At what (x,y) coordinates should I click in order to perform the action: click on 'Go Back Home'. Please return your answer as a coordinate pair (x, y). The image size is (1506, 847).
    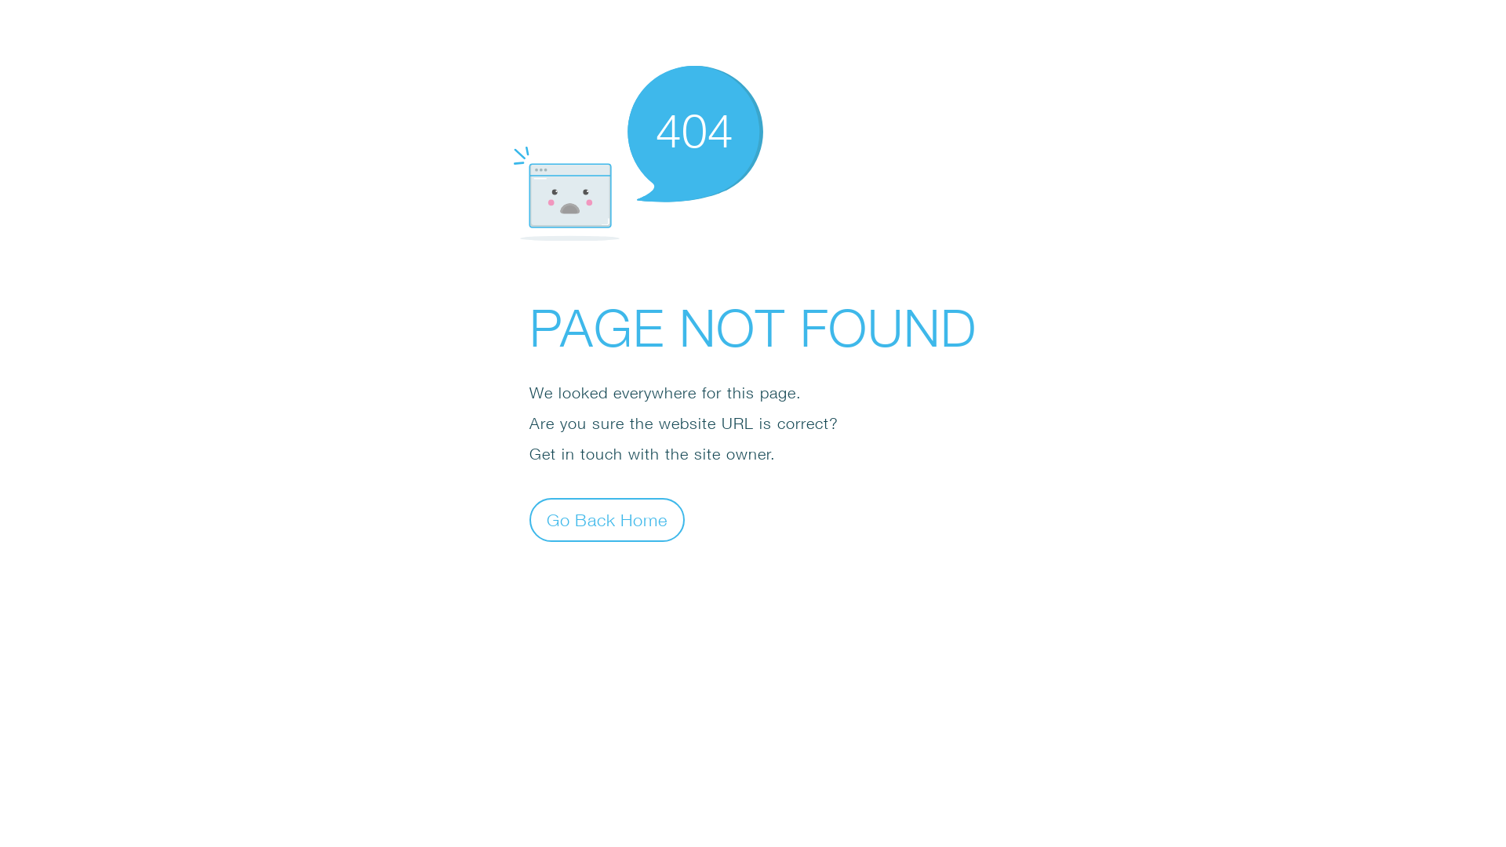
    Looking at the image, I should click on (606, 520).